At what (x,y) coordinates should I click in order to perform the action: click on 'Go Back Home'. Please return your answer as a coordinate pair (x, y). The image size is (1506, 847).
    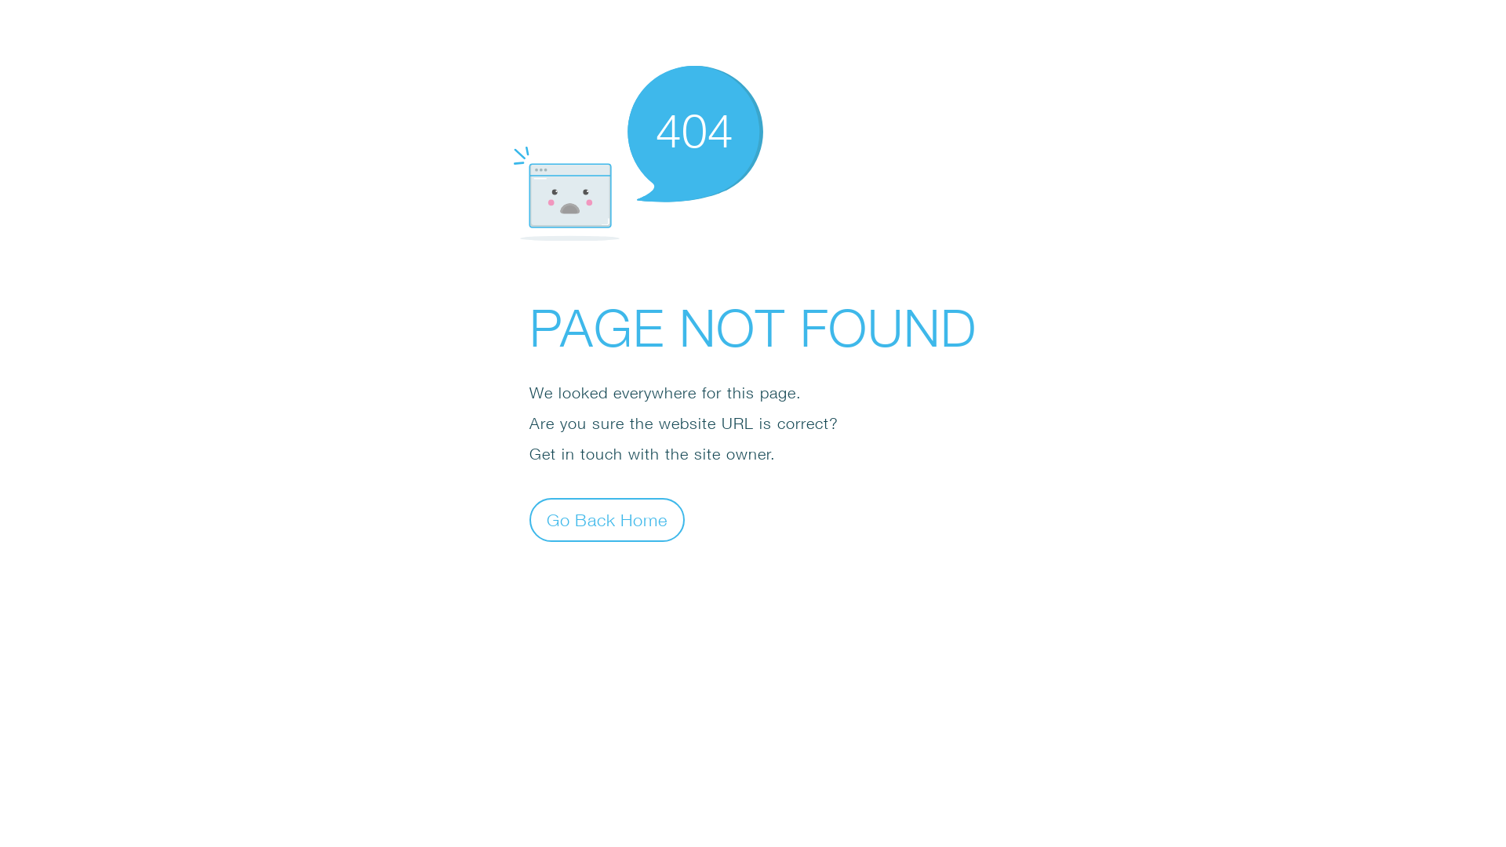
    Looking at the image, I should click on (606, 520).